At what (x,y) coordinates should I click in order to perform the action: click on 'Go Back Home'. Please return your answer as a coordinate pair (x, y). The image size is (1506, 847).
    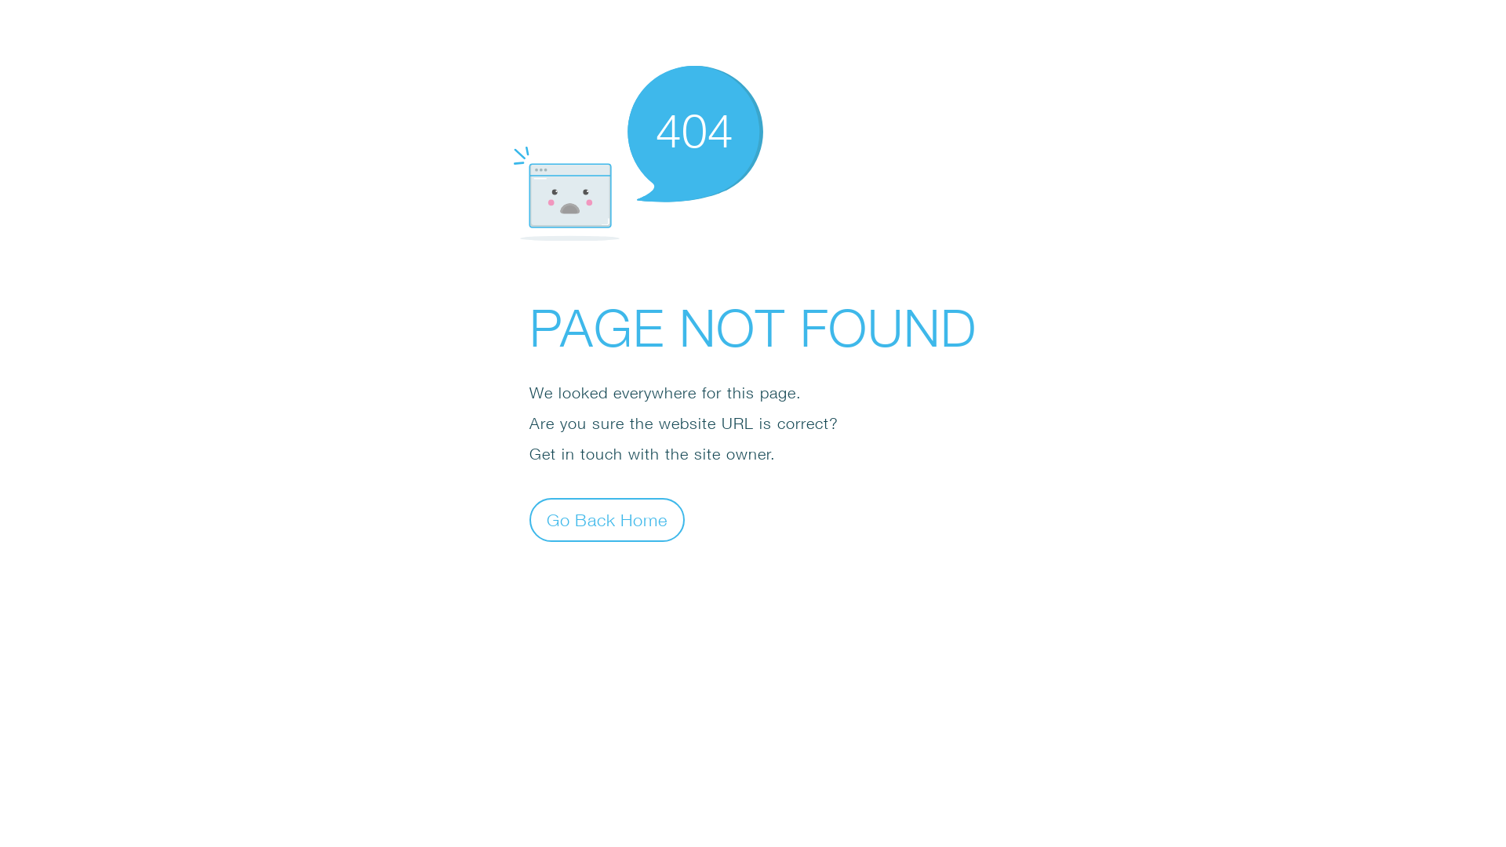
    Looking at the image, I should click on (606, 520).